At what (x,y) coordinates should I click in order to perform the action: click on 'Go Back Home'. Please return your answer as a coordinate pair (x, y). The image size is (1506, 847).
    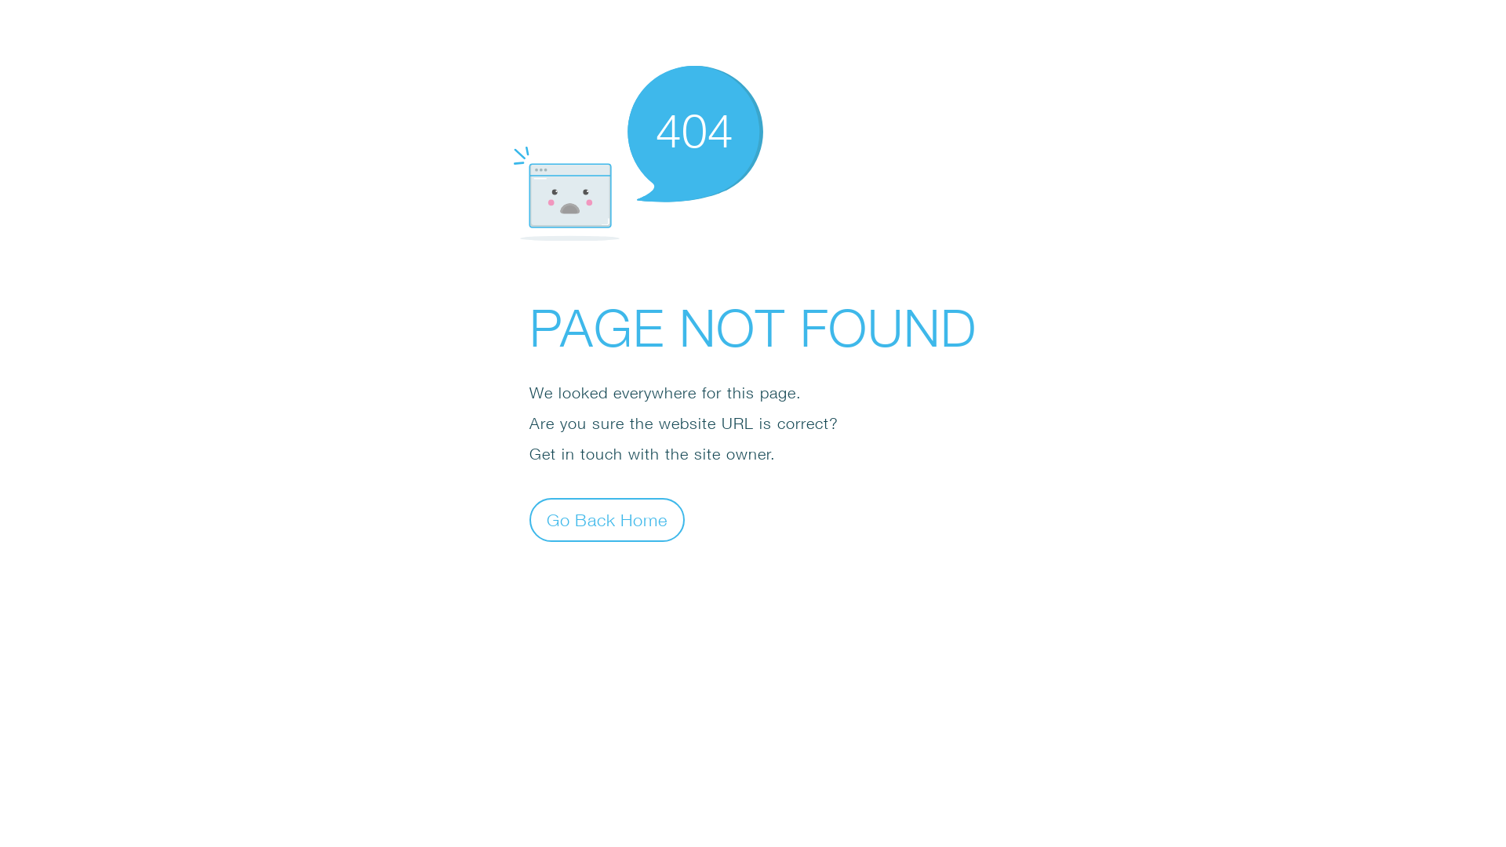
    Looking at the image, I should click on (606, 520).